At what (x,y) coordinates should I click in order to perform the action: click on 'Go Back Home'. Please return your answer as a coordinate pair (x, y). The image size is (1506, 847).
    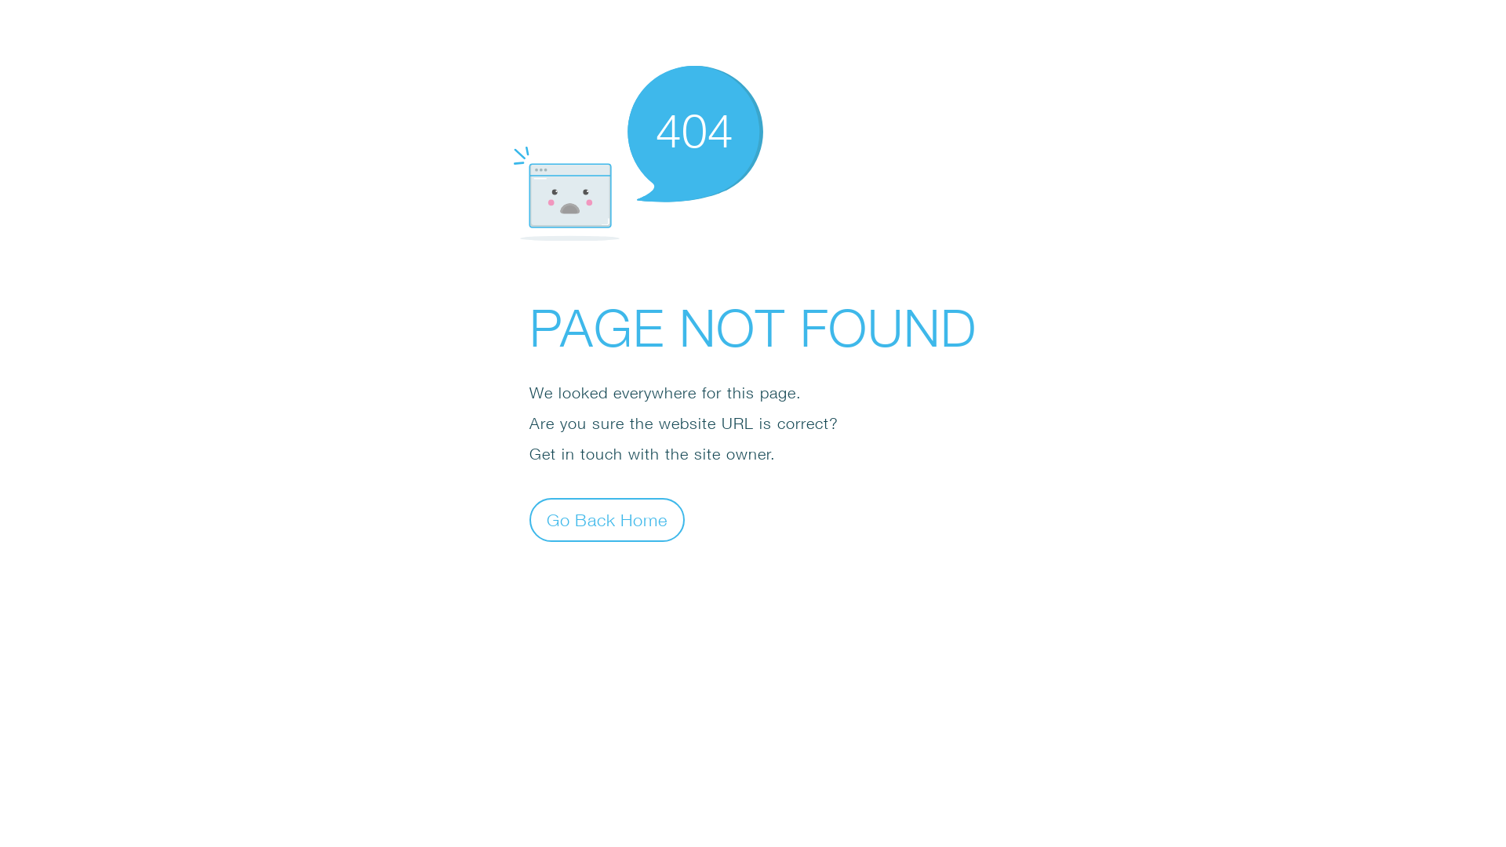
    Looking at the image, I should click on (606, 520).